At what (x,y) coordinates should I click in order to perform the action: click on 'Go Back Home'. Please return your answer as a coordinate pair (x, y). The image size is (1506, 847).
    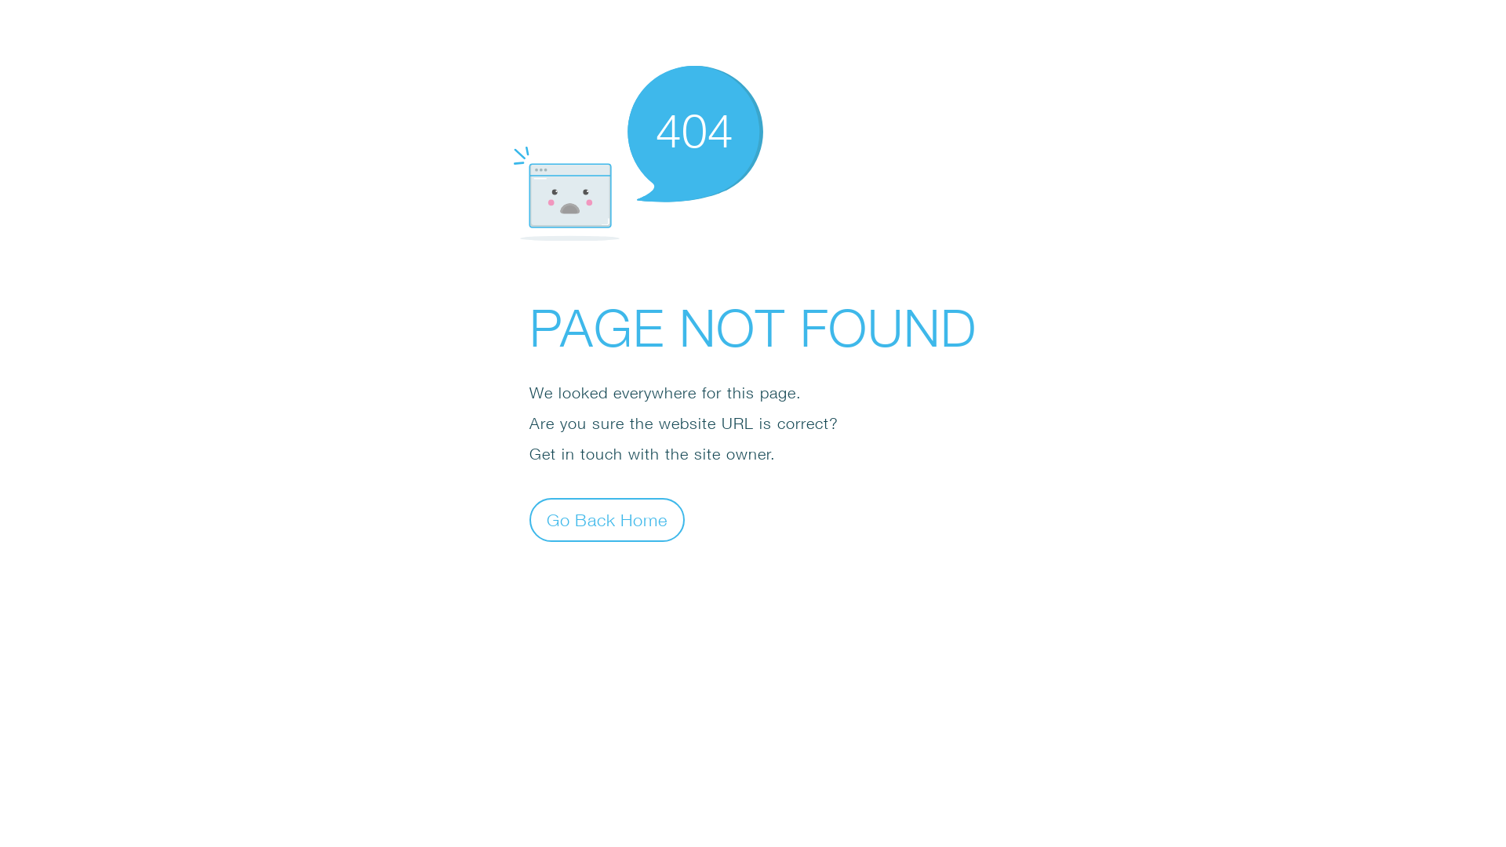
    Looking at the image, I should click on (606, 520).